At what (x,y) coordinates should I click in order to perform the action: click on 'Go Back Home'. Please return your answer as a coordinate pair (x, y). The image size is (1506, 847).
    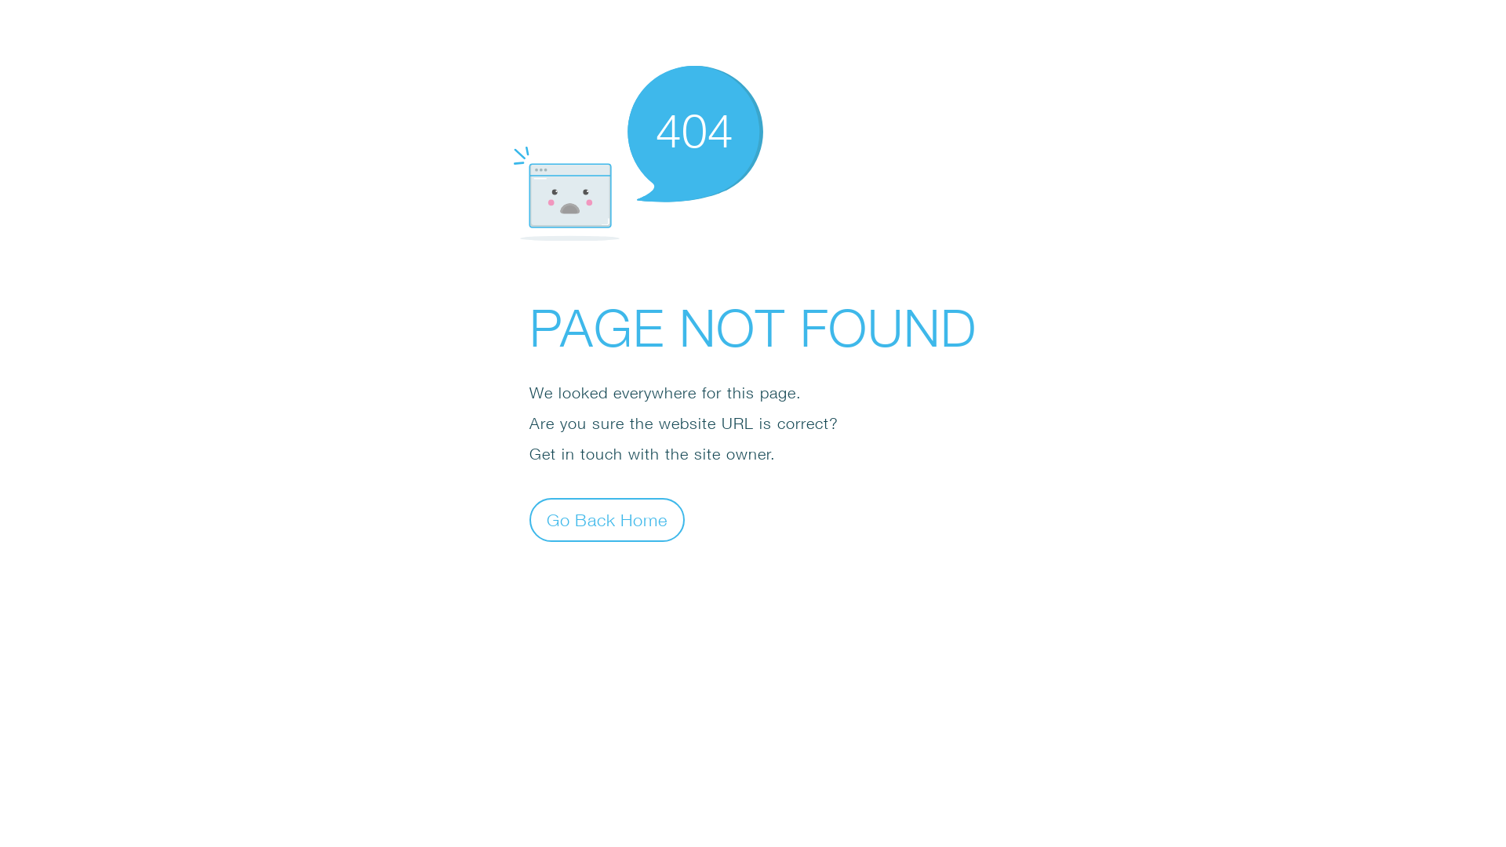
    Looking at the image, I should click on (606, 520).